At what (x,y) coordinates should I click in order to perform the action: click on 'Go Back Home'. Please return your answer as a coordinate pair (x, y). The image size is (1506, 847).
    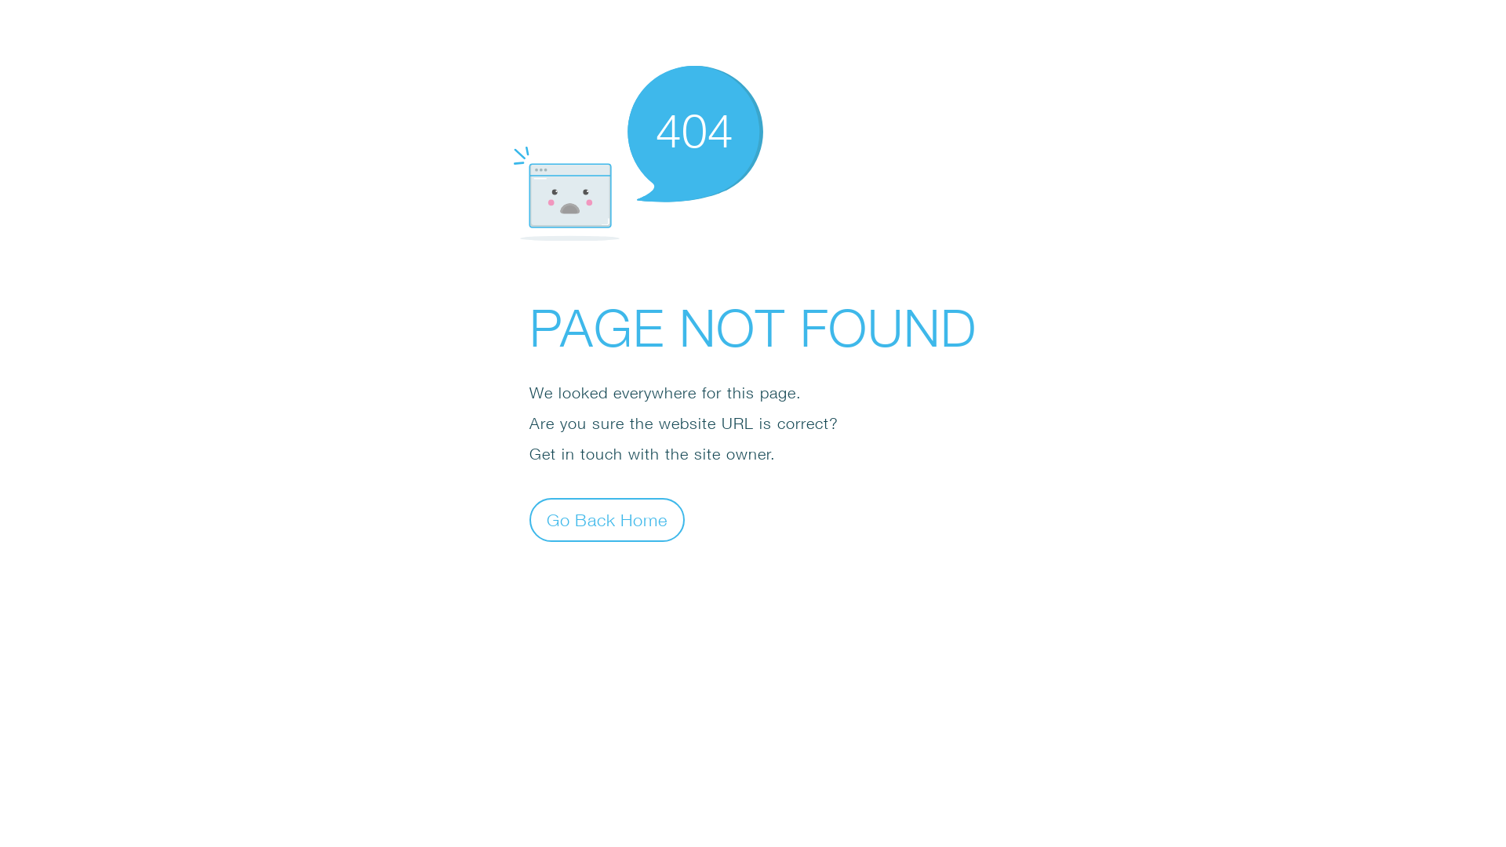
    Looking at the image, I should click on (606, 520).